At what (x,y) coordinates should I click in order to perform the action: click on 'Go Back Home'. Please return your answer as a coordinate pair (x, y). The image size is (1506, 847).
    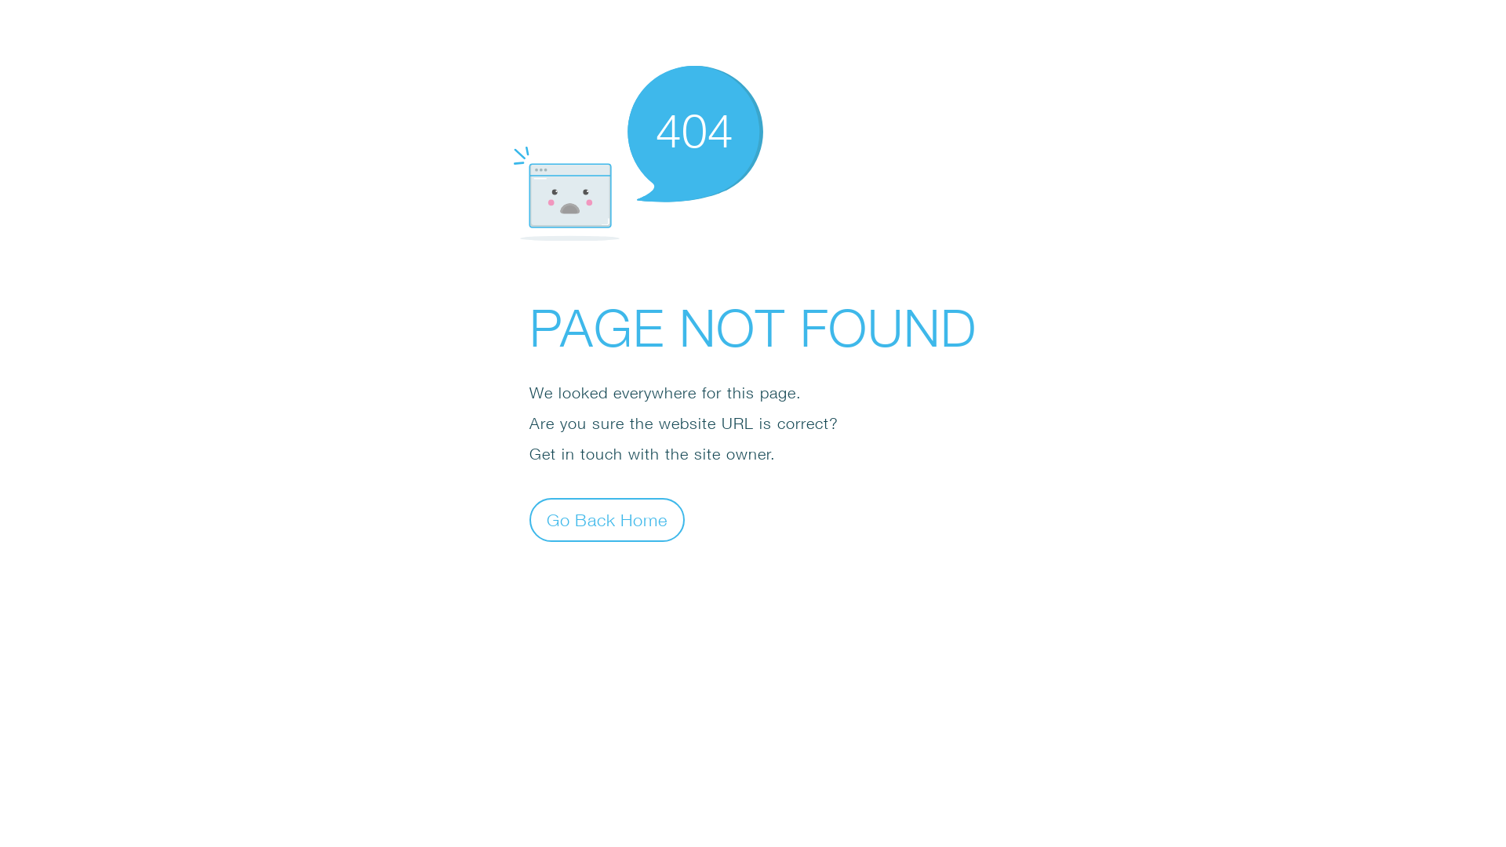
    Looking at the image, I should click on (606, 520).